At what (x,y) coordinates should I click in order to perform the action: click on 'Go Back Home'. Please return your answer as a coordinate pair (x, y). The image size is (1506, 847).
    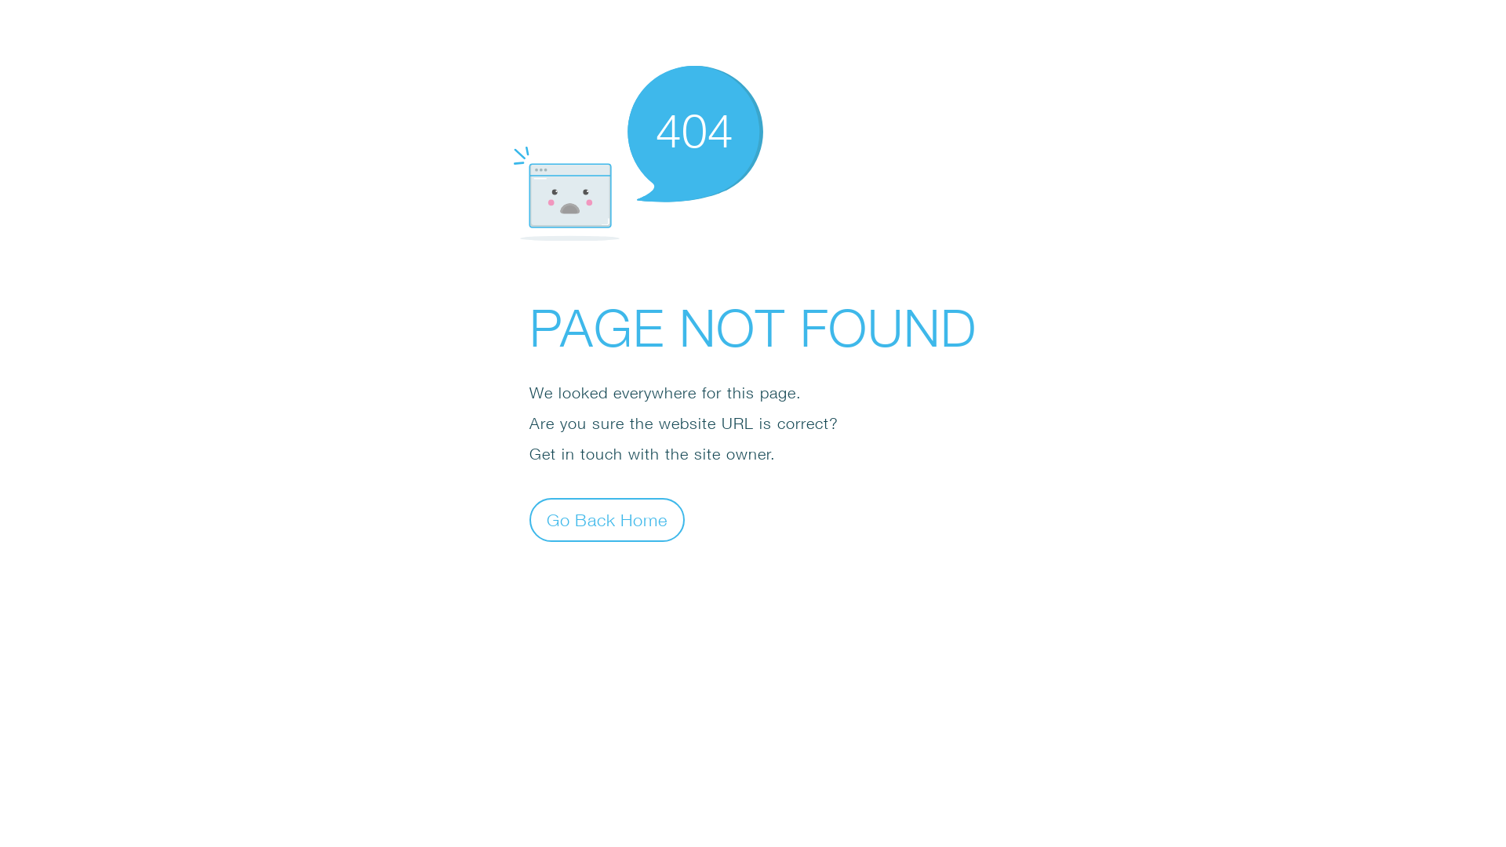
    Looking at the image, I should click on (606, 520).